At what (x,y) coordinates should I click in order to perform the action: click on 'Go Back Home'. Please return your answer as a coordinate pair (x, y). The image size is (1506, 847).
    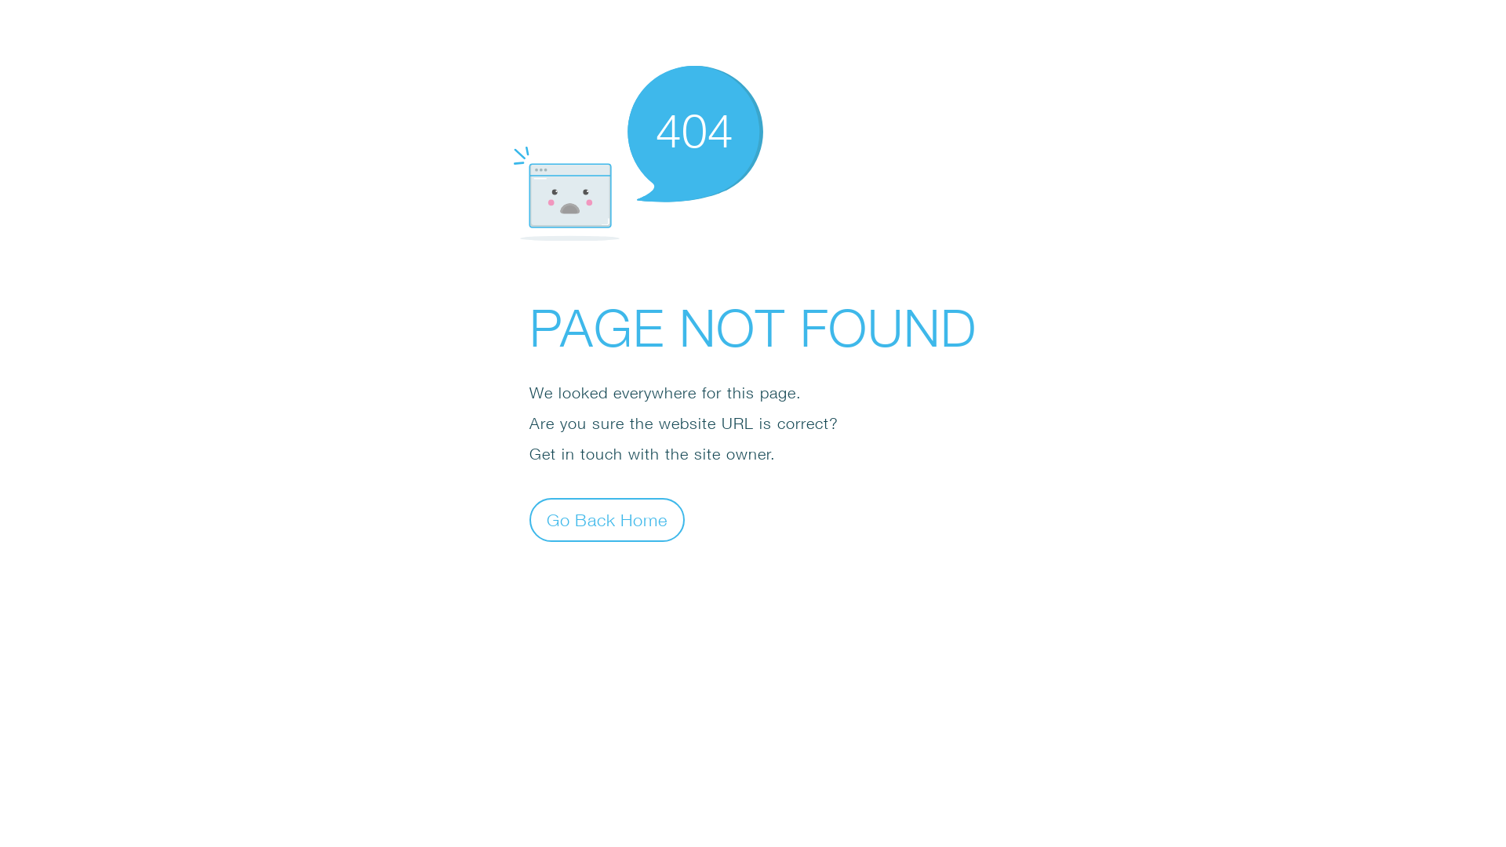
    Looking at the image, I should click on (606, 520).